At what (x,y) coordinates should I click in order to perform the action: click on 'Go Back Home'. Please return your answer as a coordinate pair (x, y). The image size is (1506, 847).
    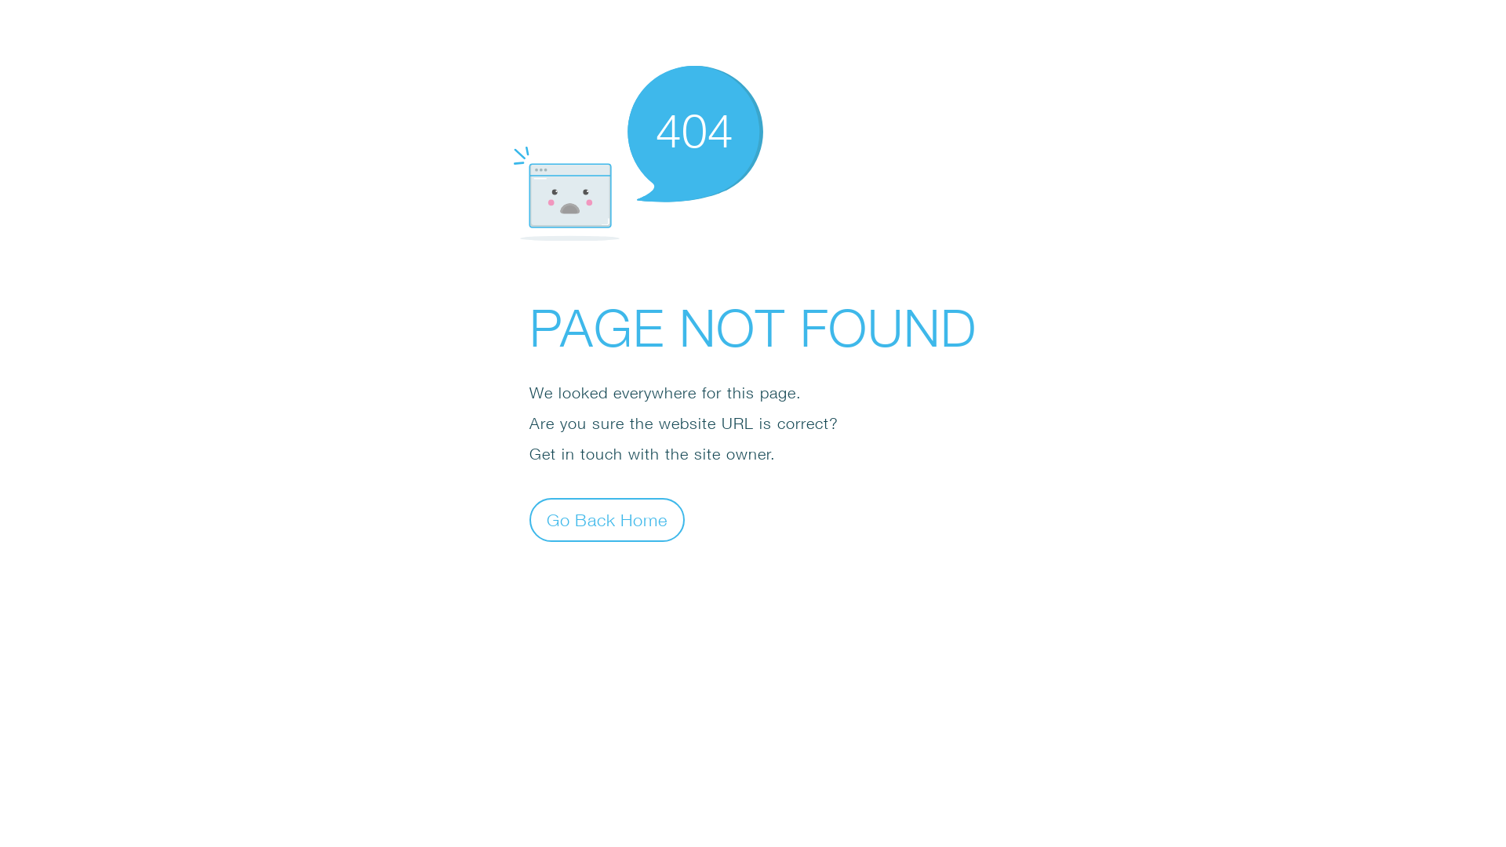
    Looking at the image, I should click on (606, 520).